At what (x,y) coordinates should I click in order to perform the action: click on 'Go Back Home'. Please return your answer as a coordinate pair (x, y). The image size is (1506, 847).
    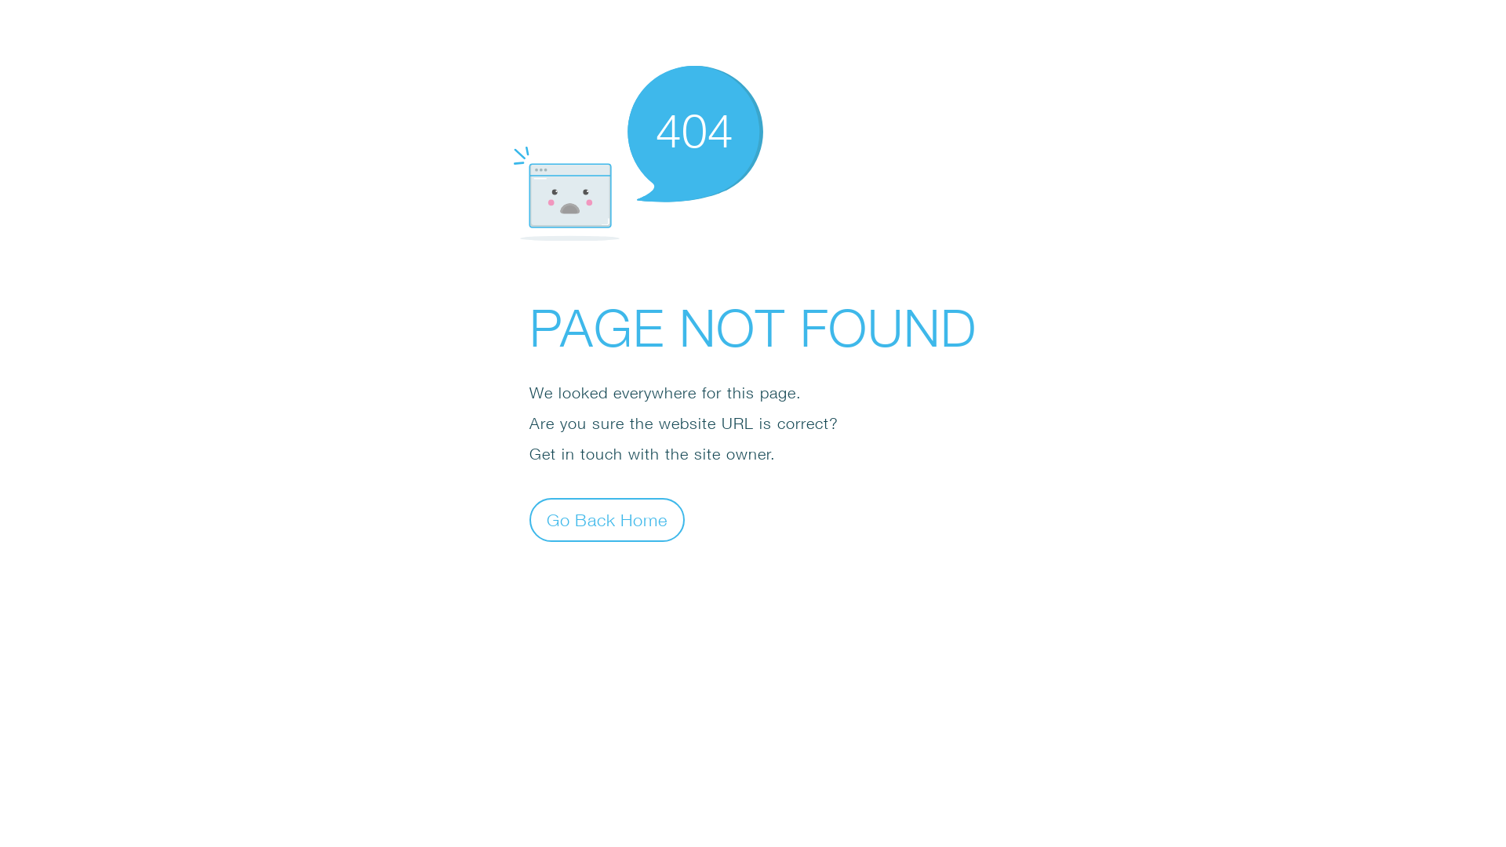
    Looking at the image, I should click on (606, 520).